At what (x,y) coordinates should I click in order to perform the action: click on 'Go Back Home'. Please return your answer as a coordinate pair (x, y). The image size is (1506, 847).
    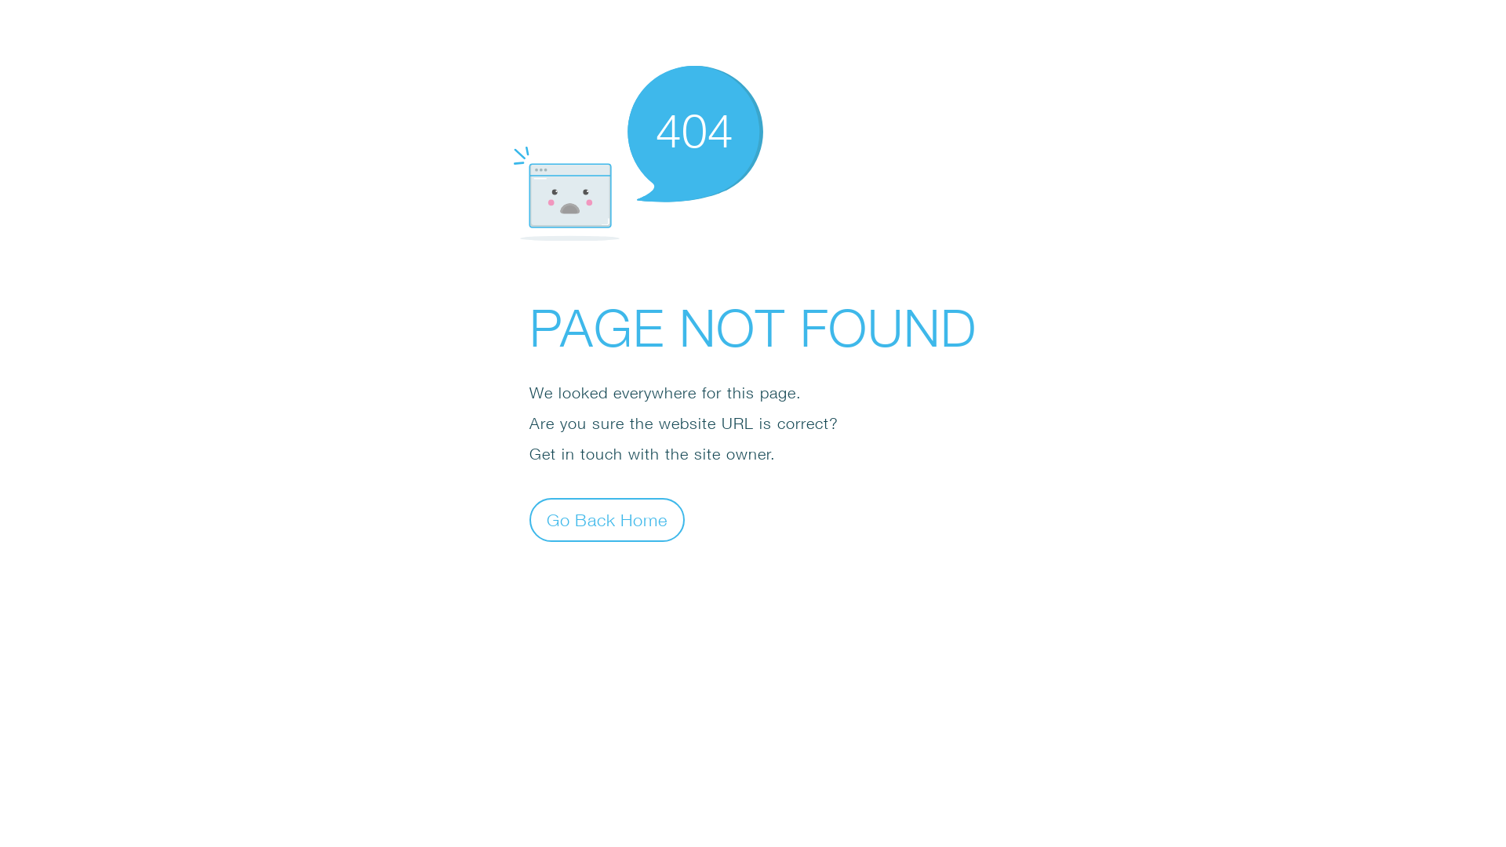
    Looking at the image, I should click on (606, 520).